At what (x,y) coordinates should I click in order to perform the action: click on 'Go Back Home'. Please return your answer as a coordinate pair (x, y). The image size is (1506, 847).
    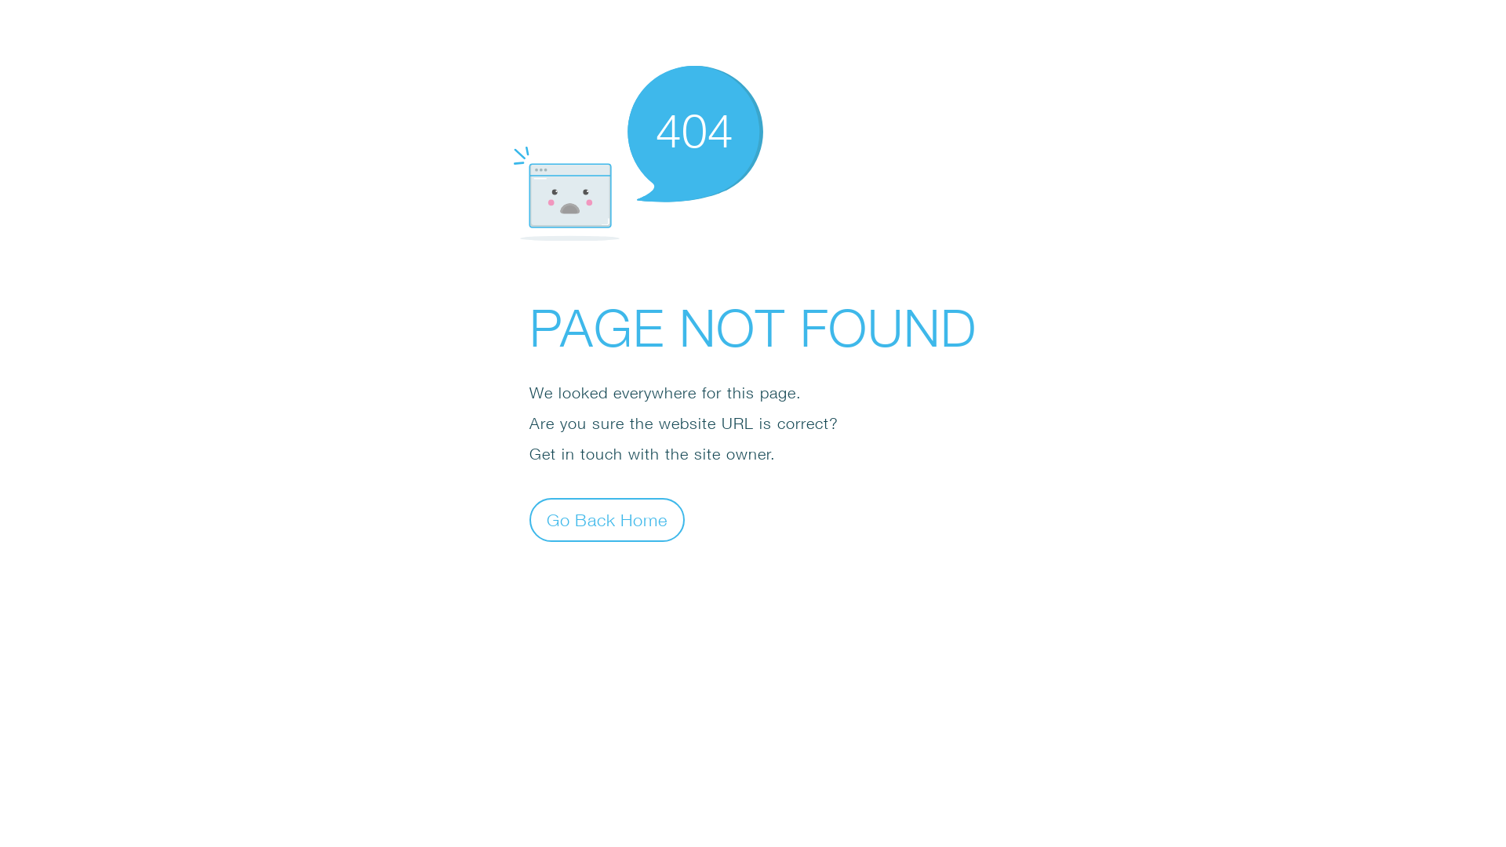
    Looking at the image, I should click on (606, 520).